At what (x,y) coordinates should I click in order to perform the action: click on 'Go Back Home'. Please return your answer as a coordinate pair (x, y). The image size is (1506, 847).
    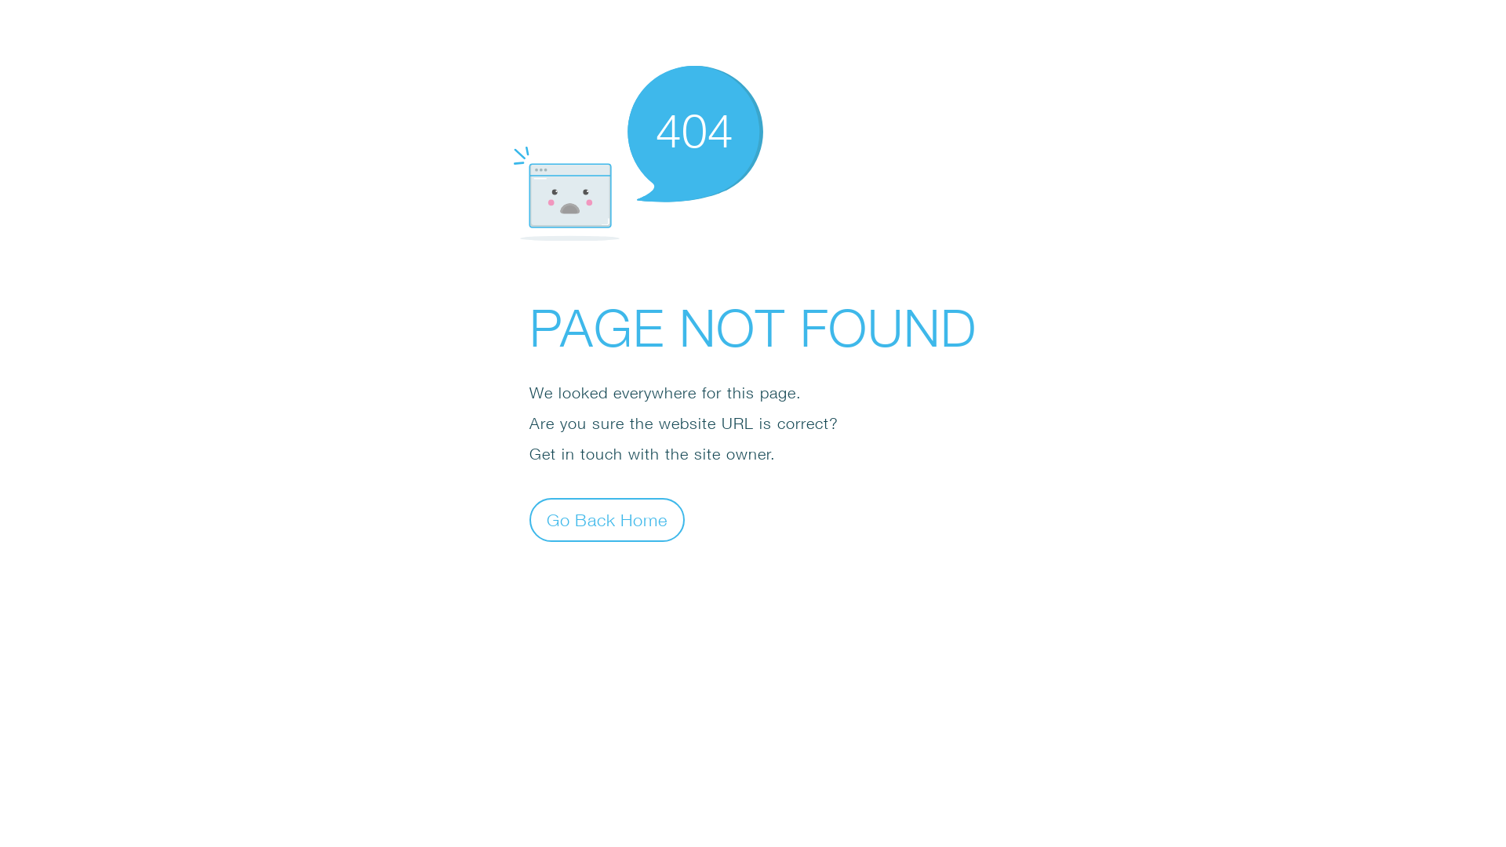
    Looking at the image, I should click on (606, 520).